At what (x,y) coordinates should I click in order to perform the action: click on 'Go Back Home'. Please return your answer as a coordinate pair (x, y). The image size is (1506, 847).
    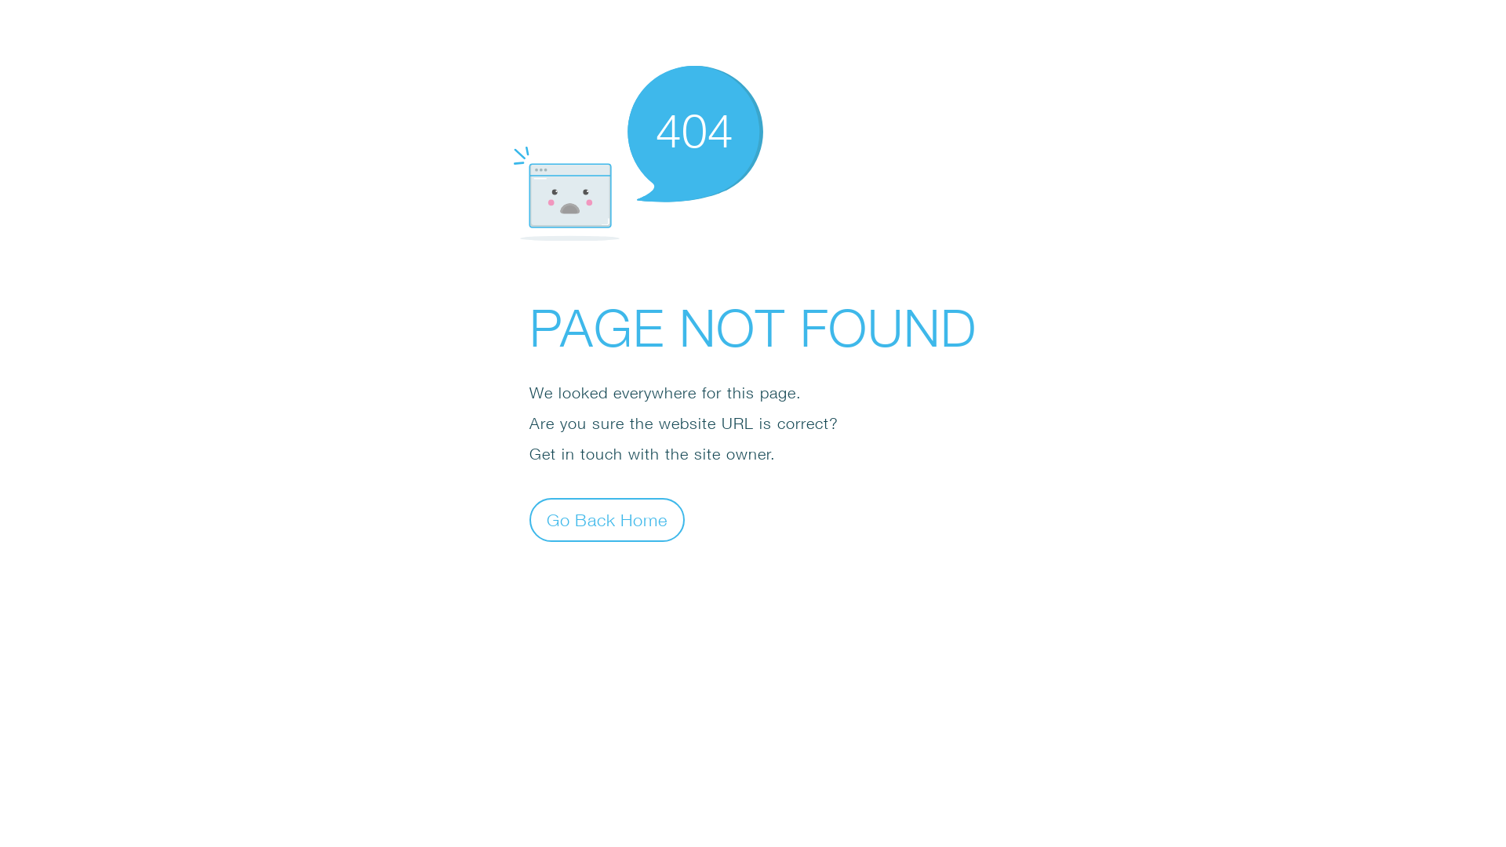
    Looking at the image, I should click on (606, 520).